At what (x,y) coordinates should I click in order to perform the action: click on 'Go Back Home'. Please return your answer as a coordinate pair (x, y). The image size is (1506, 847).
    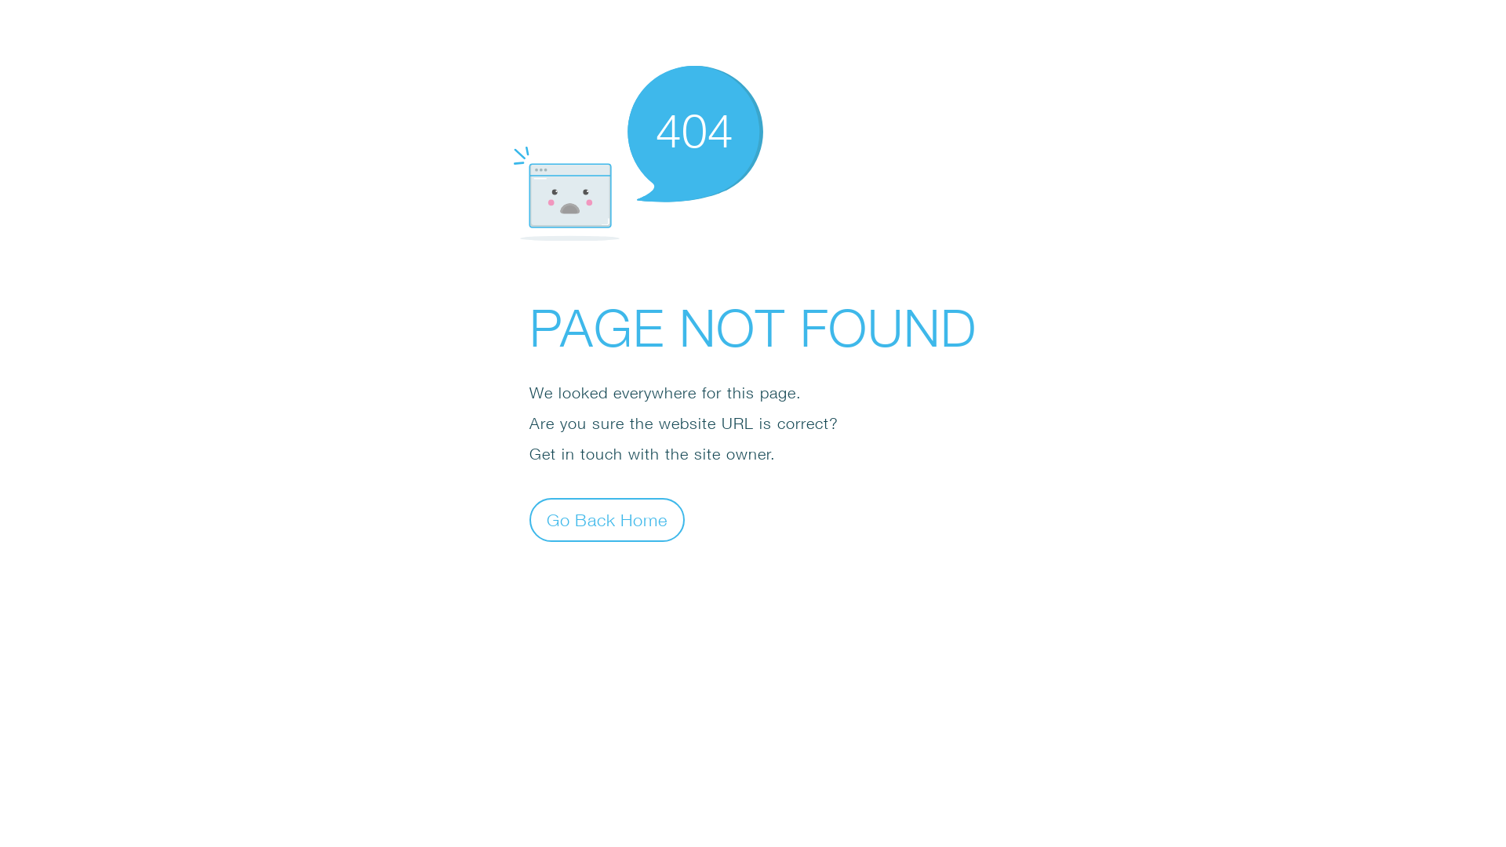
    Looking at the image, I should click on (606, 520).